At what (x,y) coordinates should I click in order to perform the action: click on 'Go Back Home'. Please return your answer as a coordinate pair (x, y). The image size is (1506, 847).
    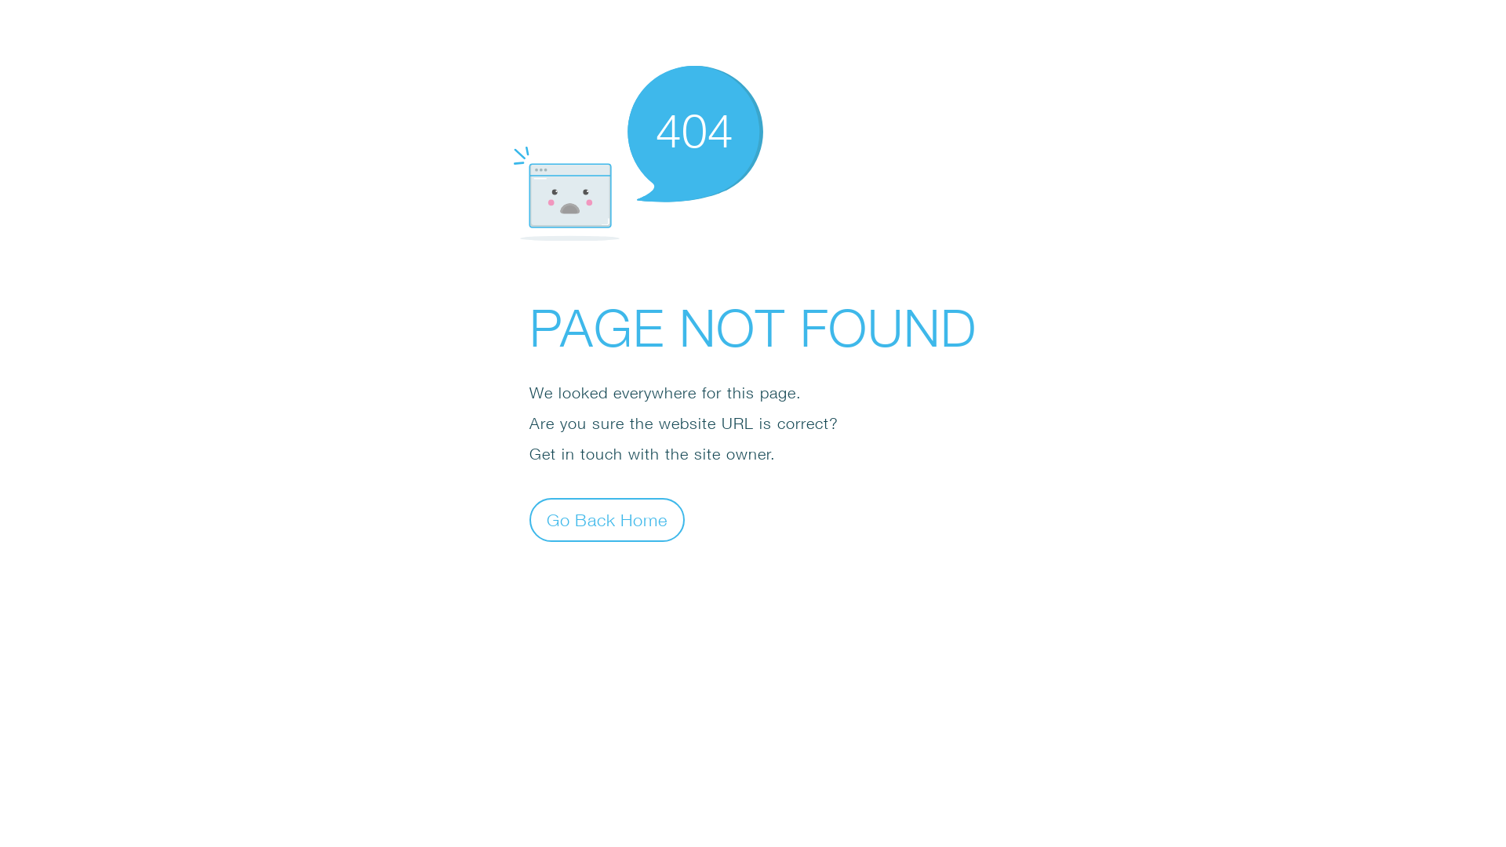
    Looking at the image, I should click on (606, 520).